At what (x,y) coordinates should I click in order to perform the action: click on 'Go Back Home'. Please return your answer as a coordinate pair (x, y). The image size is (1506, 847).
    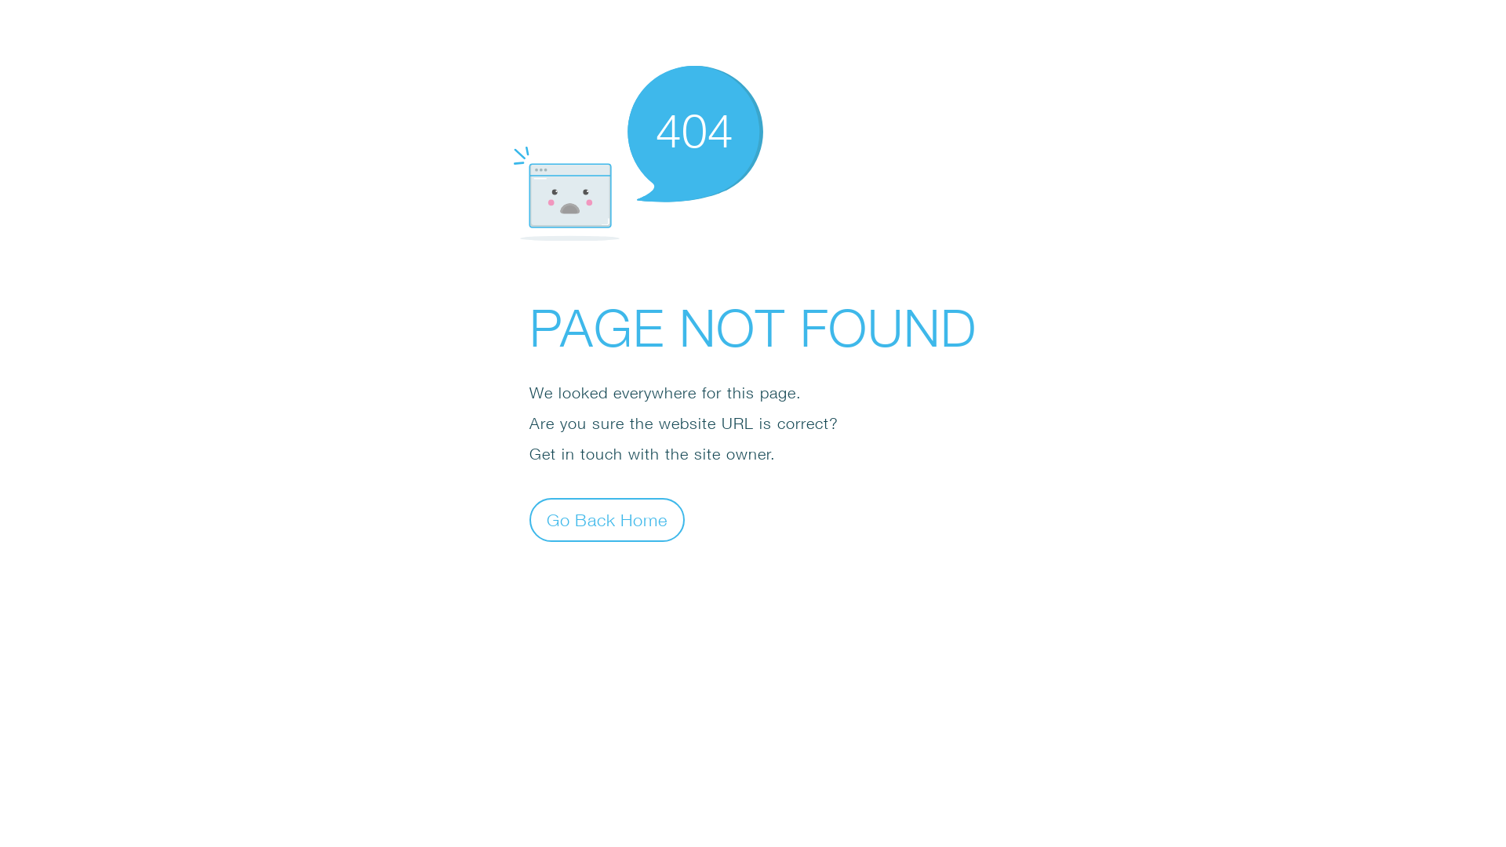
    Looking at the image, I should click on (606, 520).